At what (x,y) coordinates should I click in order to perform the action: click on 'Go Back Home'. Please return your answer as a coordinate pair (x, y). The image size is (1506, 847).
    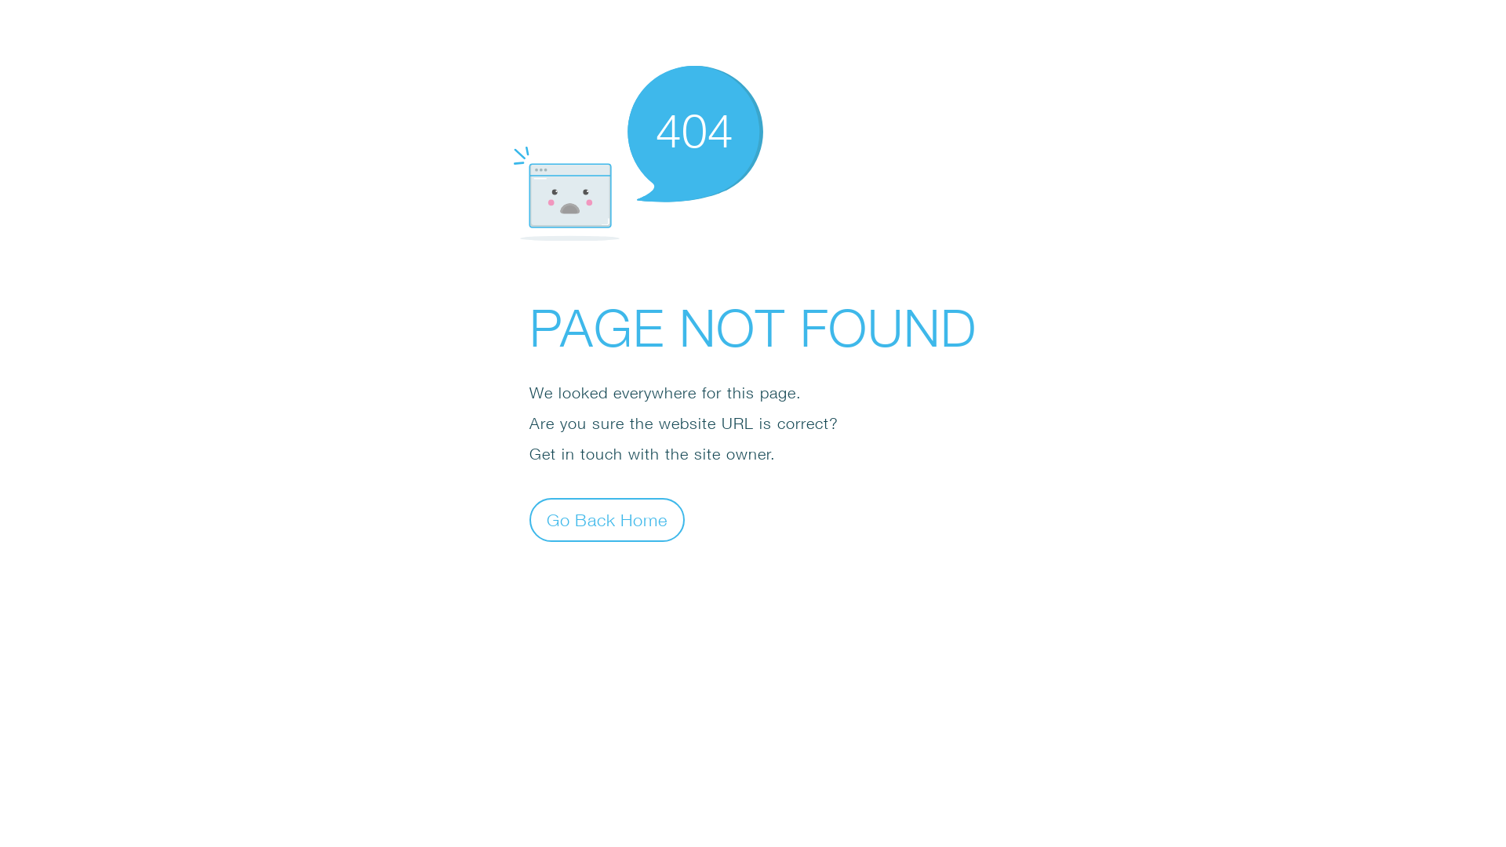
    Looking at the image, I should click on (606, 520).